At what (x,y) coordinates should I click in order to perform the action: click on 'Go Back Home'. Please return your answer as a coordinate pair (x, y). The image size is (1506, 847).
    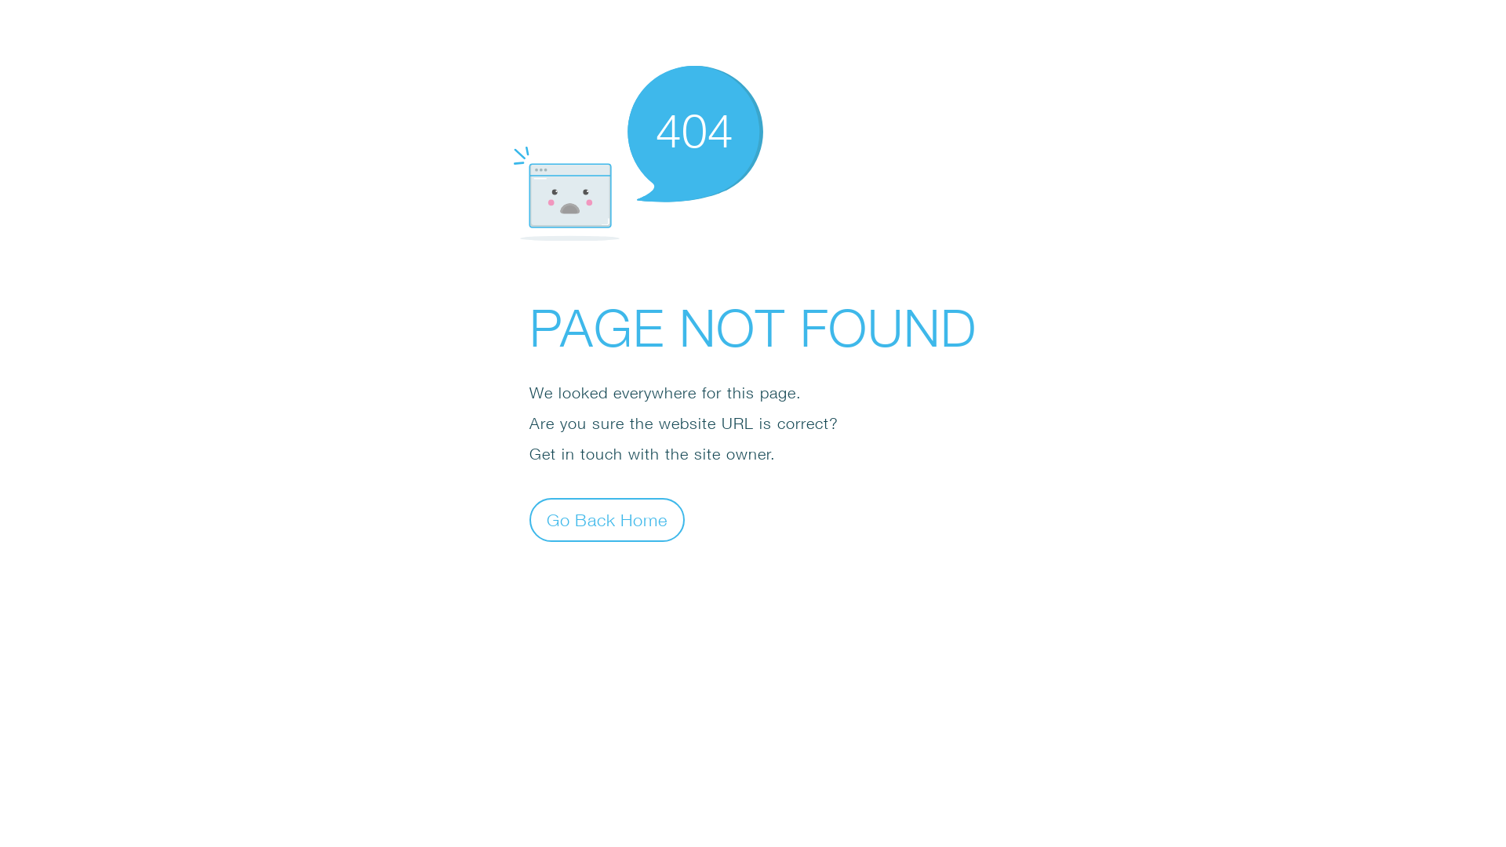
    Looking at the image, I should click on (606, 520).